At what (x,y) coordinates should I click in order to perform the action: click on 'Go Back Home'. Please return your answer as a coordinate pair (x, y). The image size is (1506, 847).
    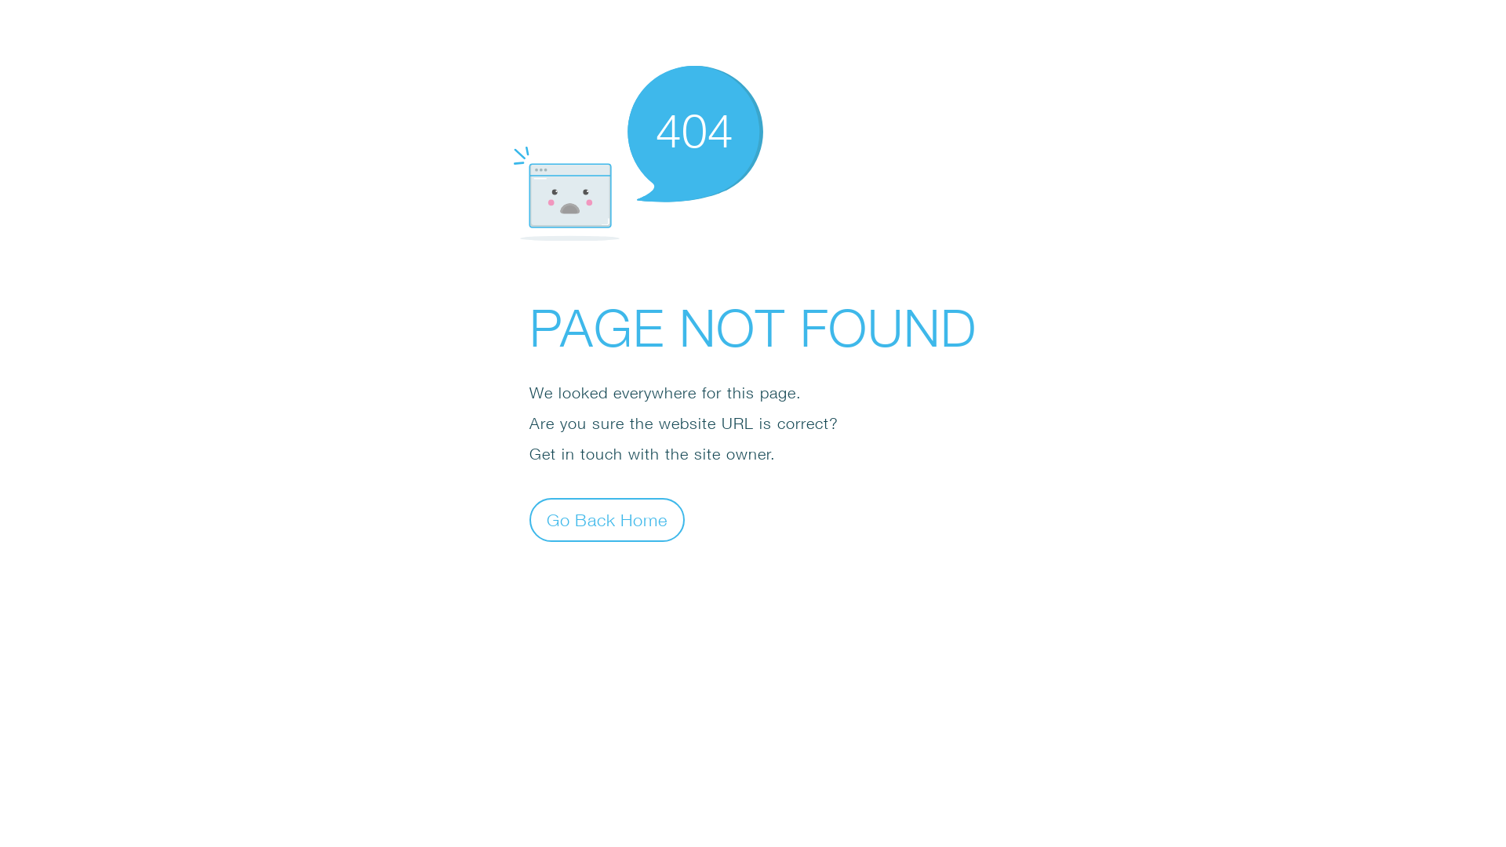
    Looking at the image, I should click on (606, 520).